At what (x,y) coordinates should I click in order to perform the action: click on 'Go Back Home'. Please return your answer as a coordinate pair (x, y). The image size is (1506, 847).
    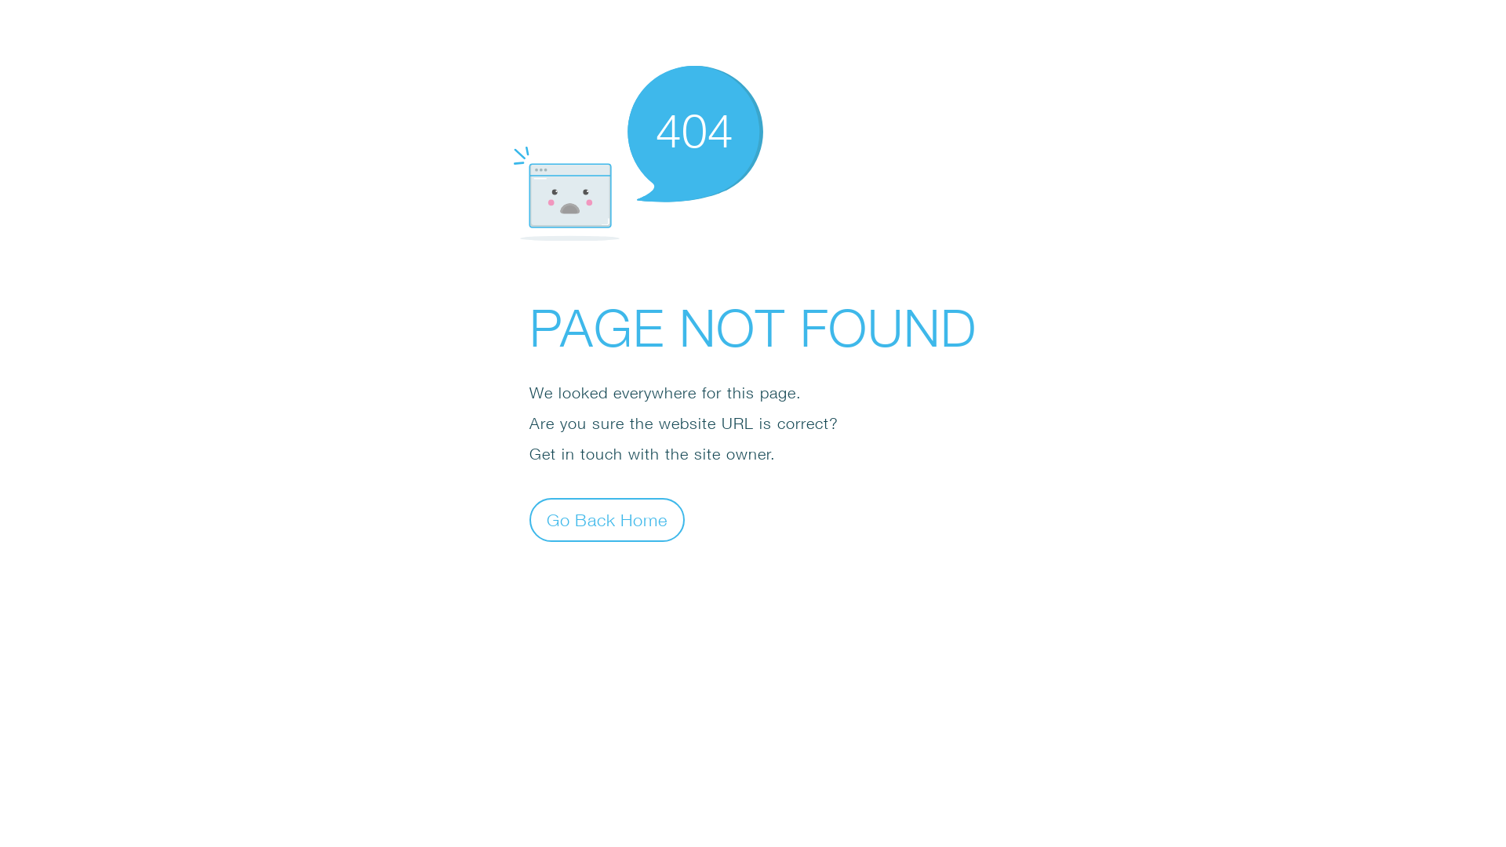
    Looking at the image, I should click on (606, 520).